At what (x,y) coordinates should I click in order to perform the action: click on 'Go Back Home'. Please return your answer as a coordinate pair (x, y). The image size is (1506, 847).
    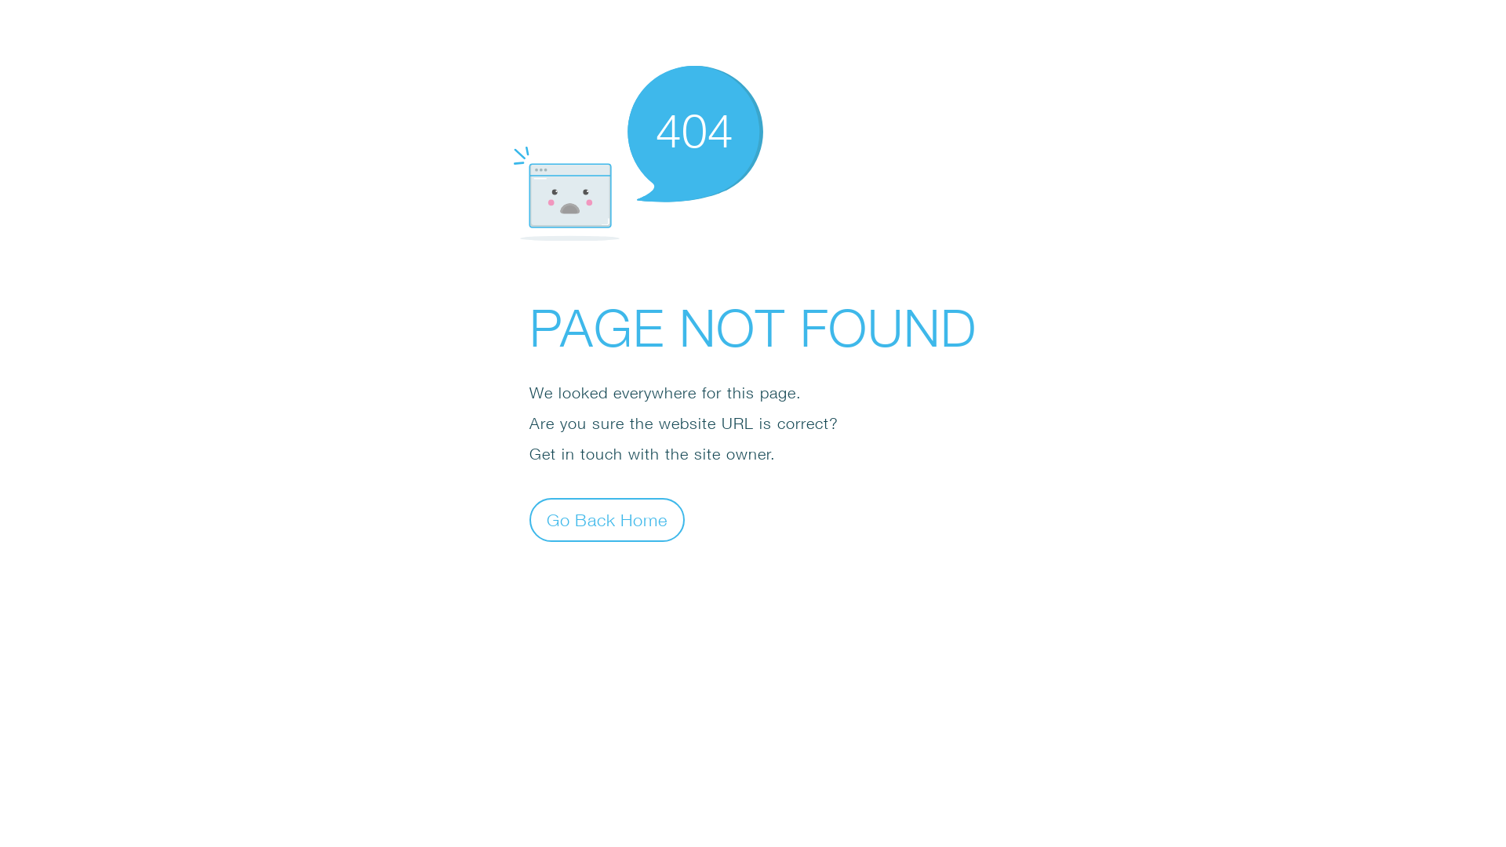
    Looking at the image, I should click on (606, 520).